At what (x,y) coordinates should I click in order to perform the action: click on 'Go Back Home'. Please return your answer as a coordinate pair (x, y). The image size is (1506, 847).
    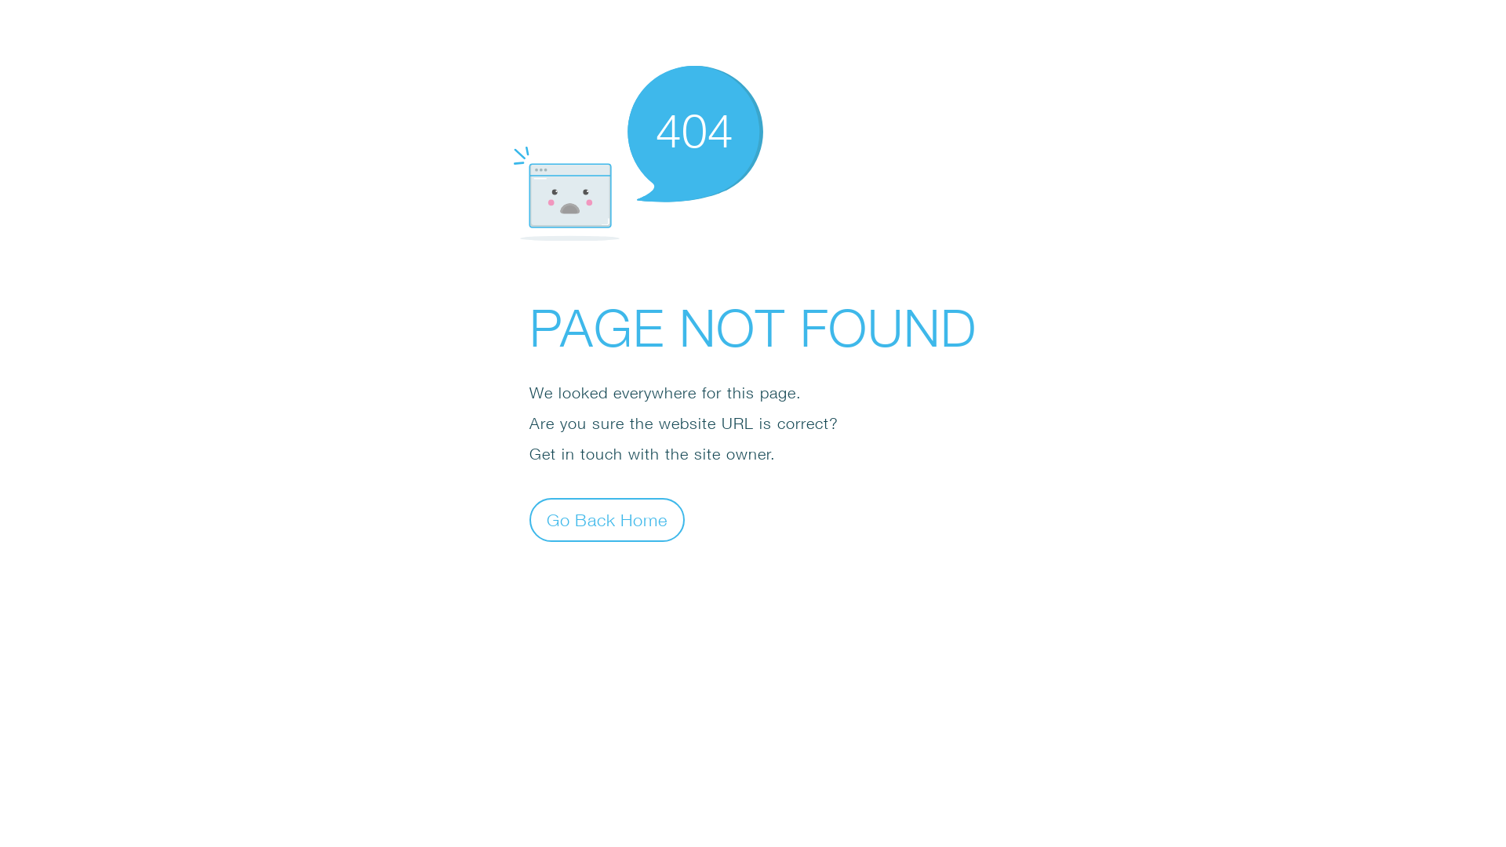
    Looking at the image, I should click on (606, 520).